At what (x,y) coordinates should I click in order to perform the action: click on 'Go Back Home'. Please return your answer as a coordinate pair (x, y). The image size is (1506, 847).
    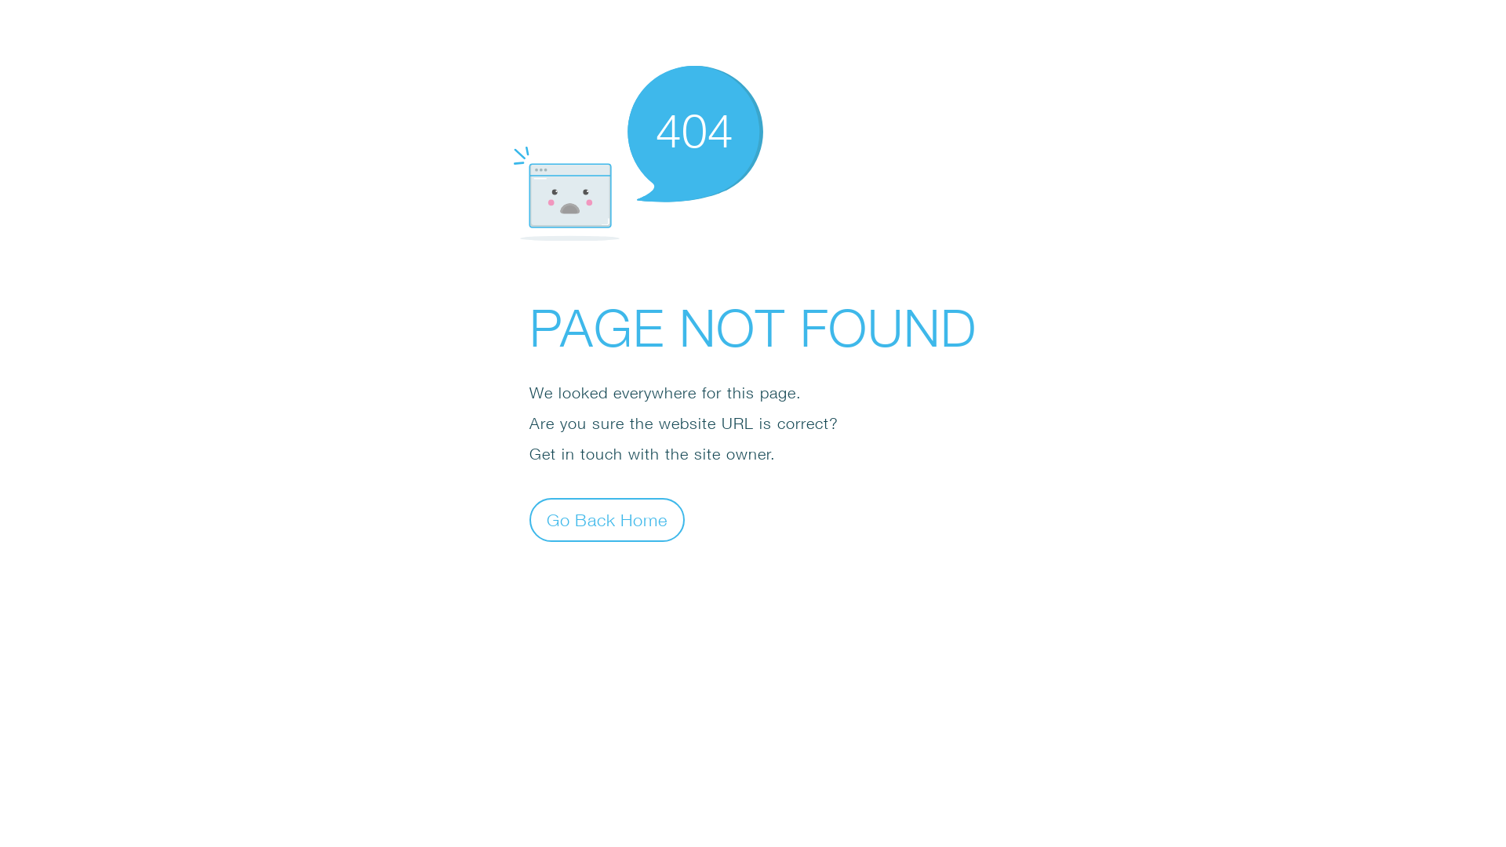
    Looking at the image, I should click on (606, 520).